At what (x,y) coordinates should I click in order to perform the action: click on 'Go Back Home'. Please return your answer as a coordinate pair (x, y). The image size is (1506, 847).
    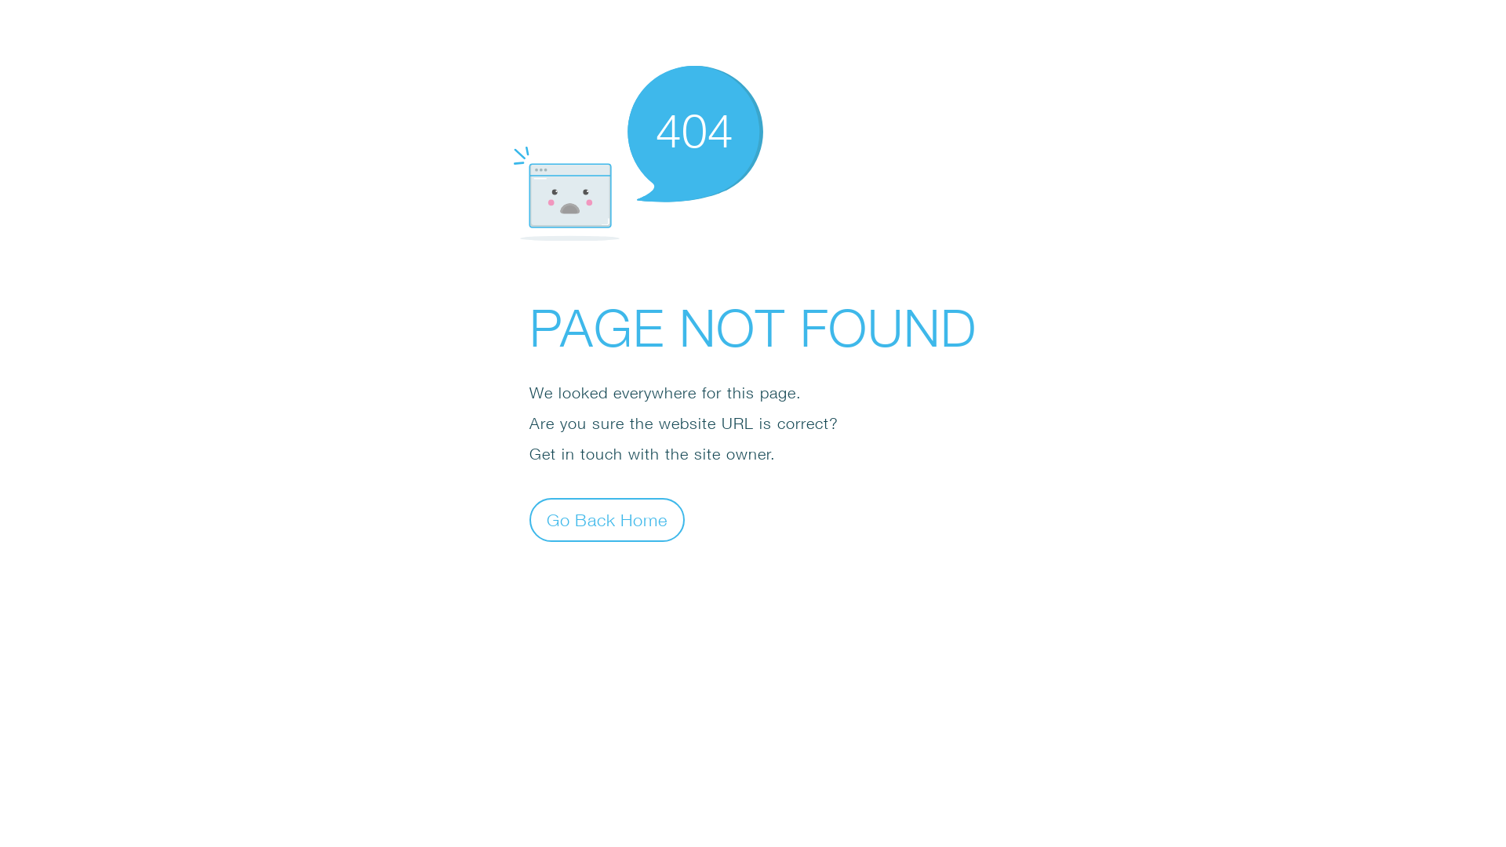
    Looking at the image, I should click on (606, 520).